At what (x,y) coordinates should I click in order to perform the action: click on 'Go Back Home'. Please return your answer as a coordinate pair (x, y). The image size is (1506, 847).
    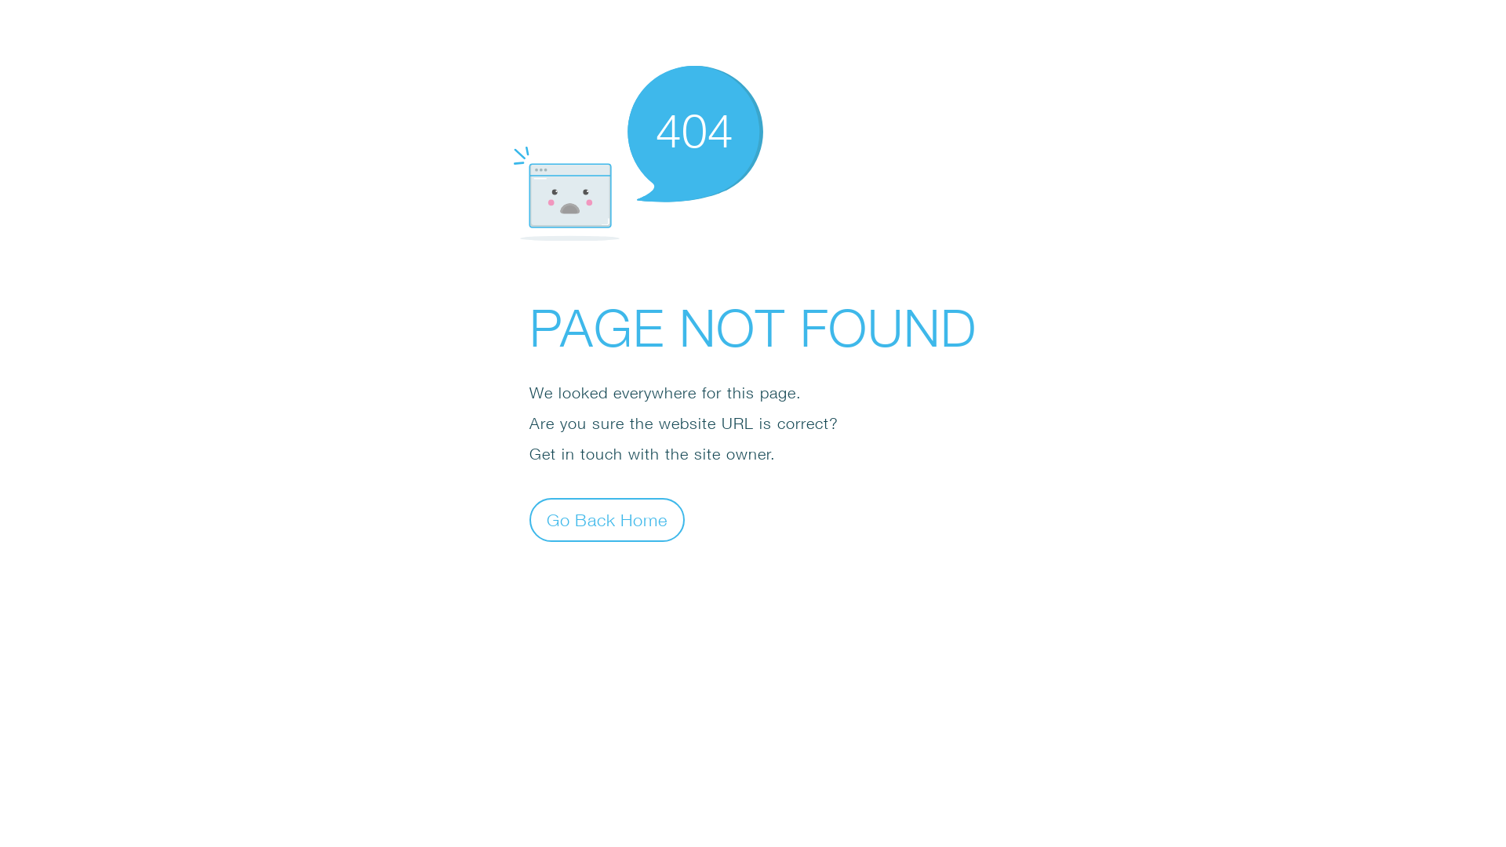
    Looking at the image, I should click on (606, 520).